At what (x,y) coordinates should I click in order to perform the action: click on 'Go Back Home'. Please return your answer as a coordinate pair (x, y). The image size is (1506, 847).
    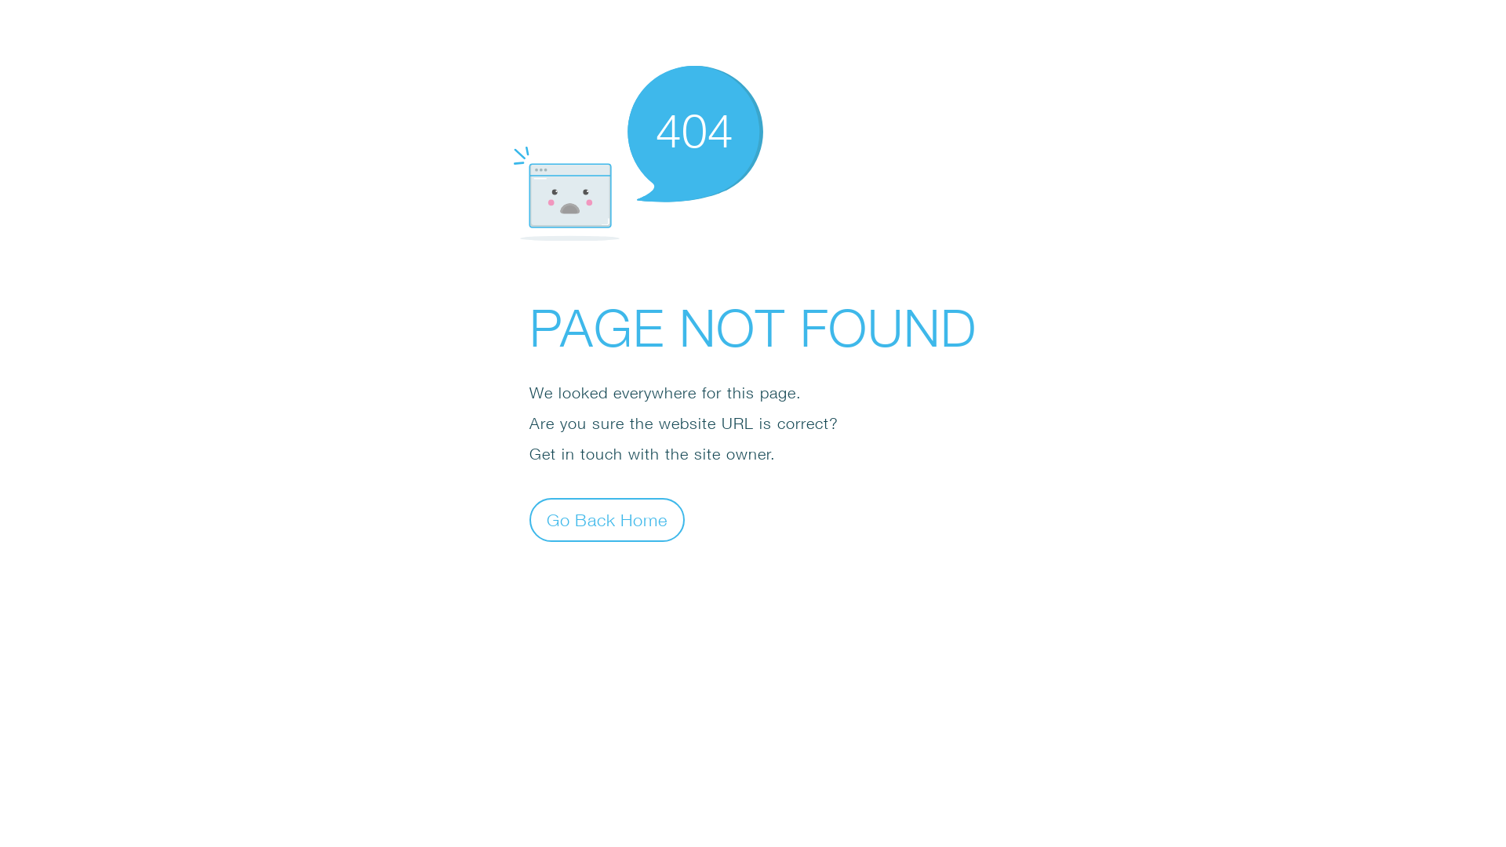
    Looking at the image, I should click on (606, 520).